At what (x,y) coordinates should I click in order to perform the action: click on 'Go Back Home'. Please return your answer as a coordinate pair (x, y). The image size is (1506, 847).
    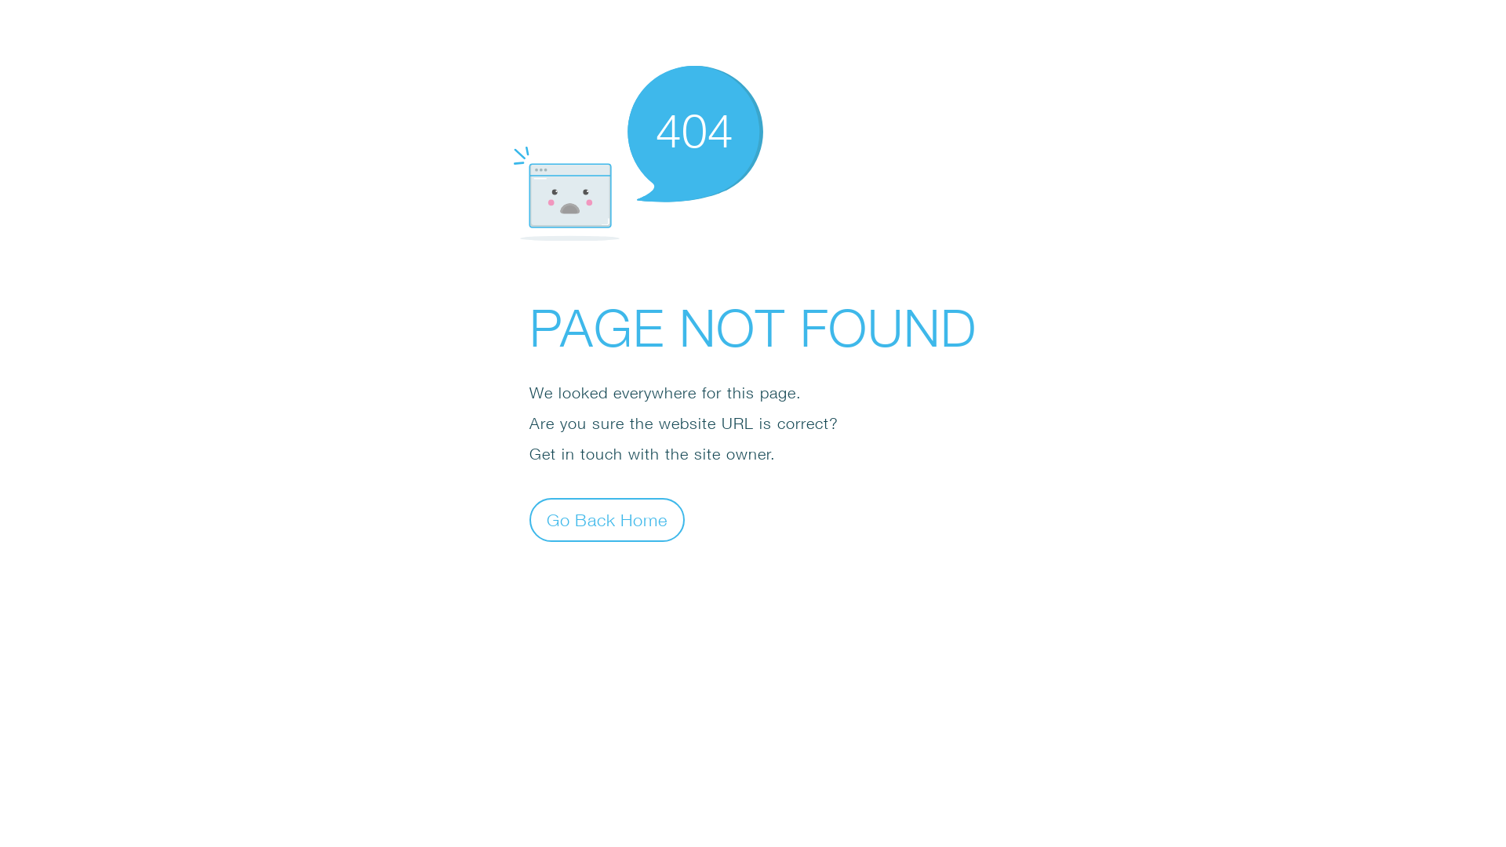
    Looking at the image, I should click on (606, 520).